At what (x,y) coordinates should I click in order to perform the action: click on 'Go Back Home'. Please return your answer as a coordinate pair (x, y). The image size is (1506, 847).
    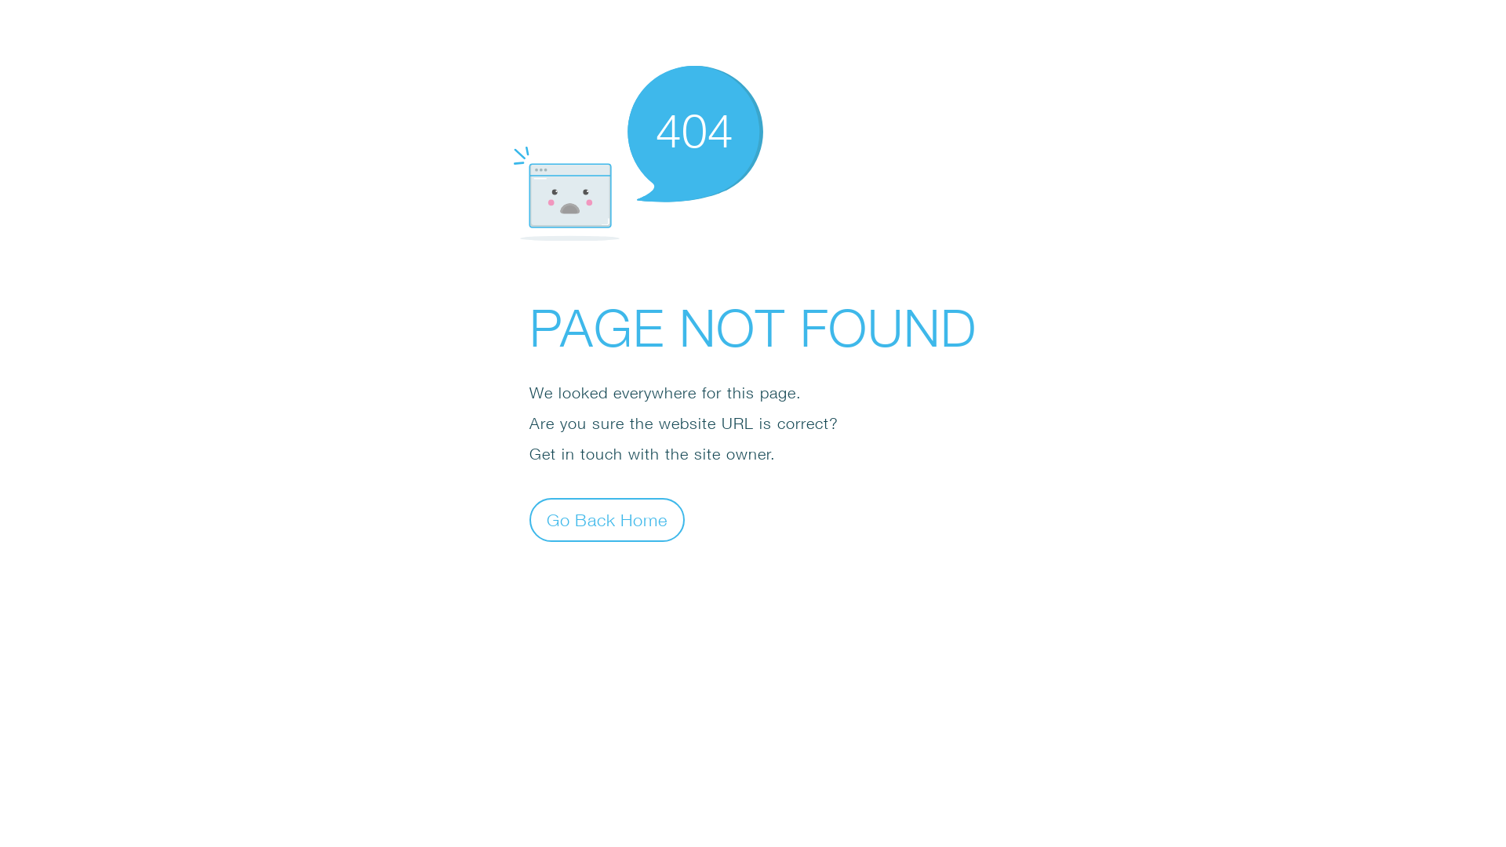
    Looking at the image, I should click on (606, 520).